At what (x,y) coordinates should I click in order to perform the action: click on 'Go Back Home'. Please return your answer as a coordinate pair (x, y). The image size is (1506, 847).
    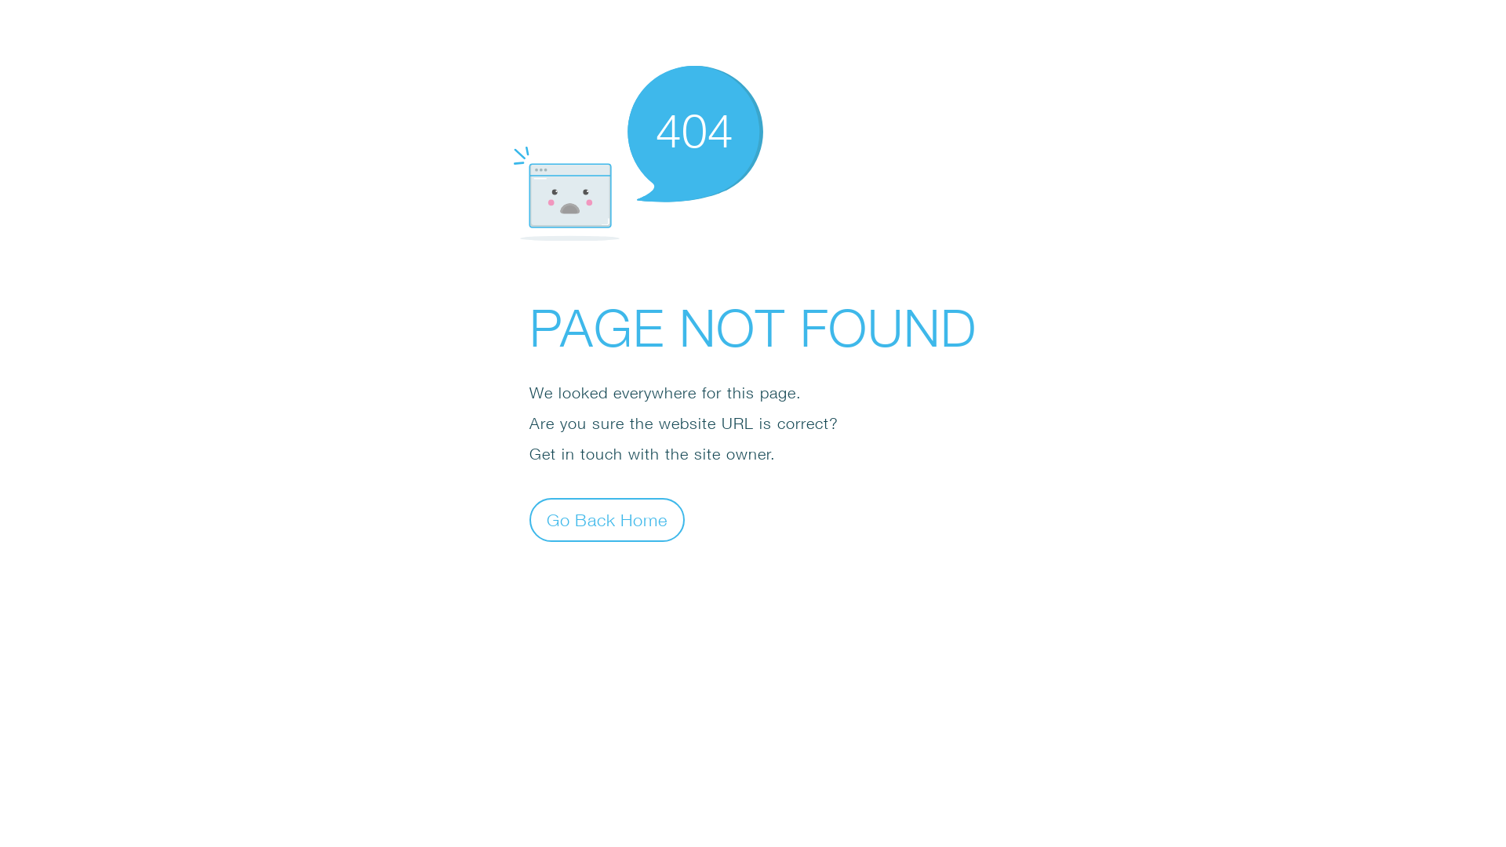
    Looking at the image, I should click on (606, 520).